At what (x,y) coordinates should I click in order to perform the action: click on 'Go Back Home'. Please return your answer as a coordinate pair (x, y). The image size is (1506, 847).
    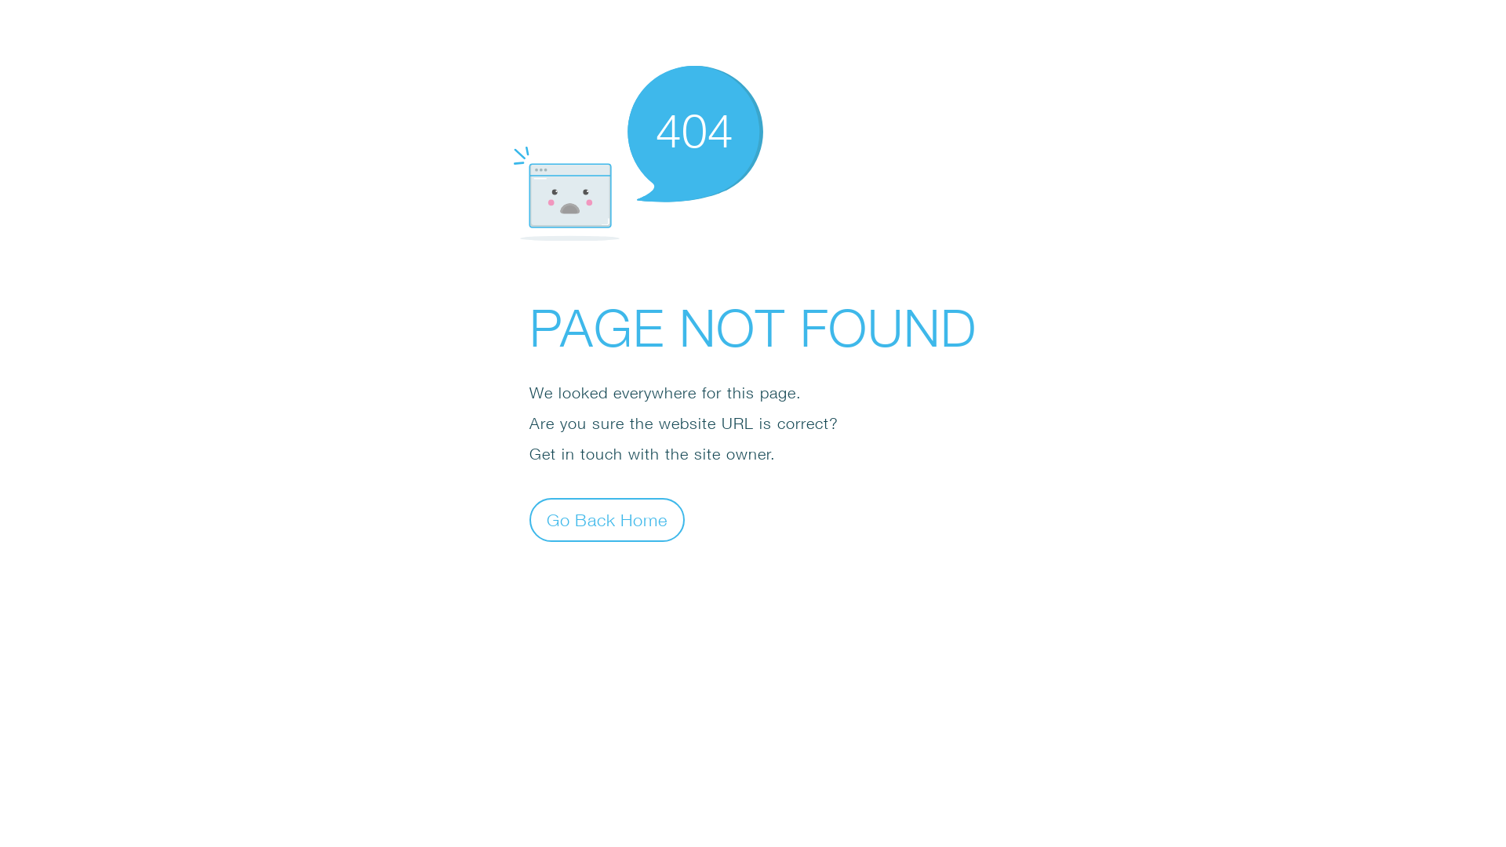
    Looking at the image, I should click on (606, 520).